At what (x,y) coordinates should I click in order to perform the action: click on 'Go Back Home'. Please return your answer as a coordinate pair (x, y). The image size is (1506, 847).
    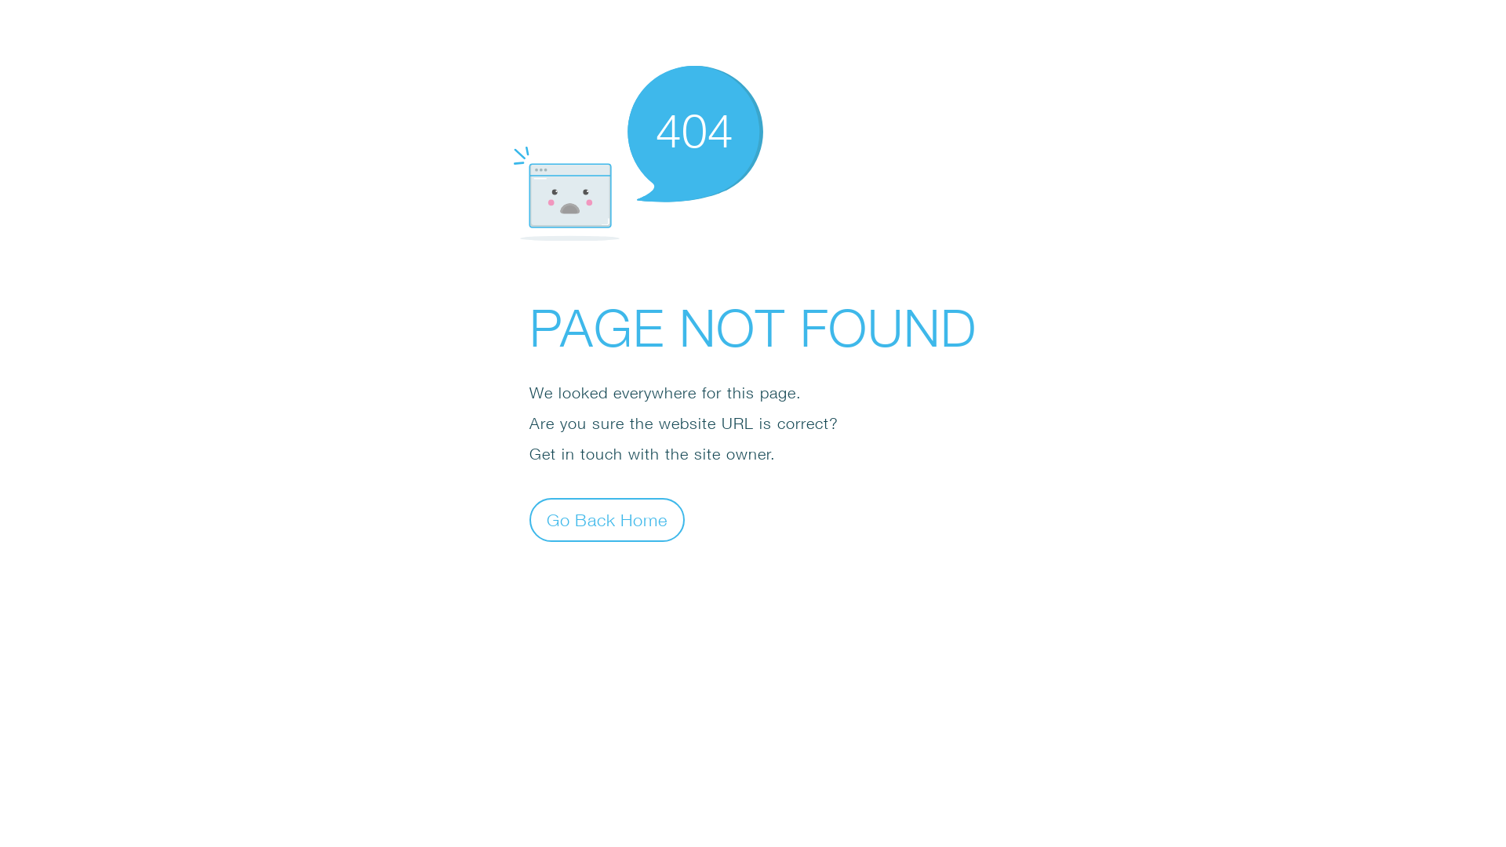
    Looking at the image, I should click on (606, 520).